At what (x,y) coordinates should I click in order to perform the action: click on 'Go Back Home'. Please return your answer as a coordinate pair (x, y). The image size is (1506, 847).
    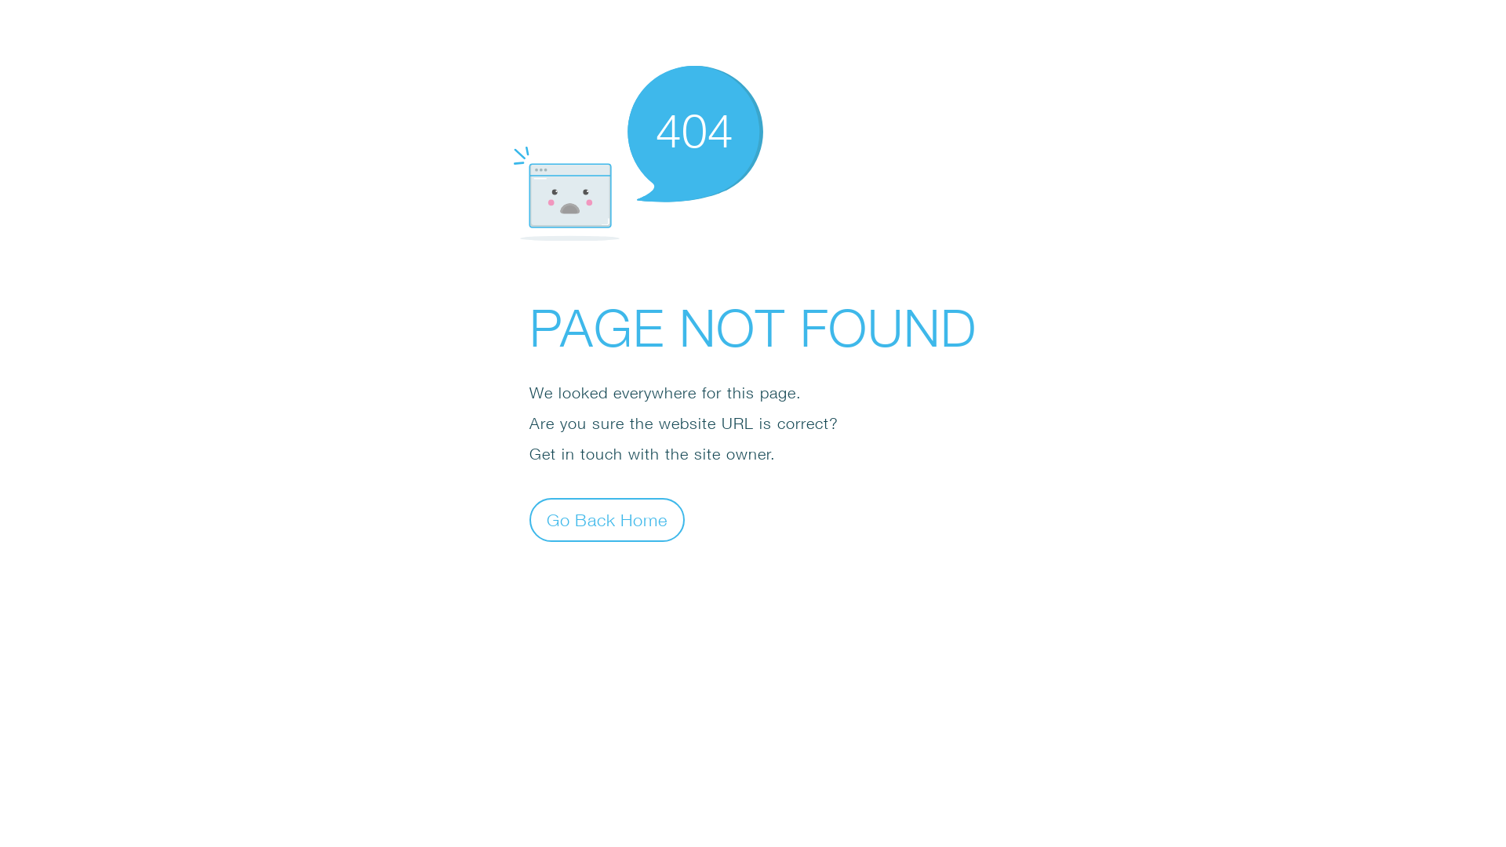
    Looking at the image, I should click on (606, 520).